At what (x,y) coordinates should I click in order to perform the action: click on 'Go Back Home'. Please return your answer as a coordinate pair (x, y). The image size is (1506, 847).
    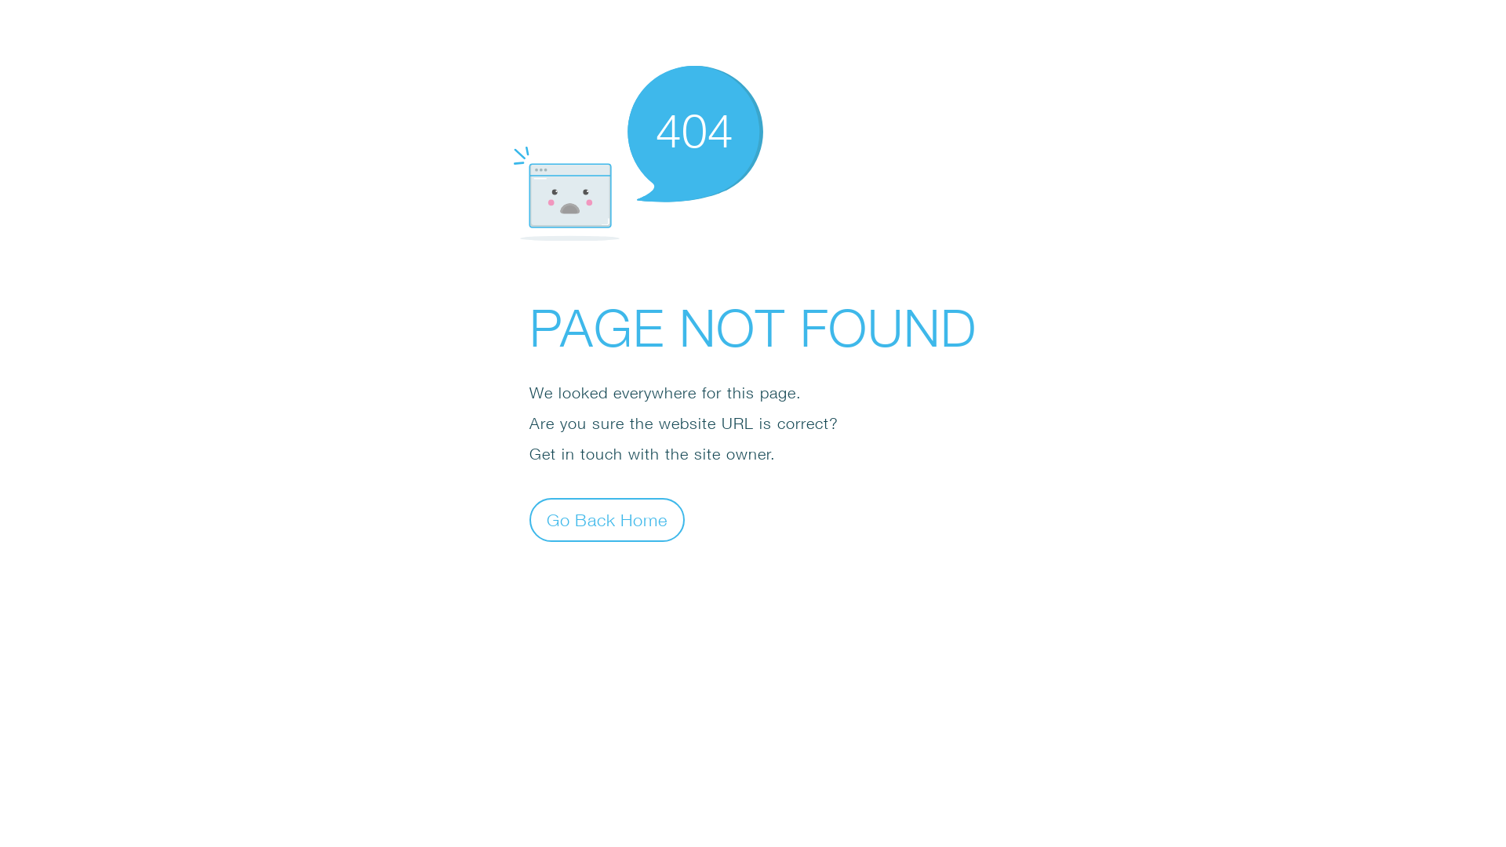
    Looking at the image, I should click on (606, 520).